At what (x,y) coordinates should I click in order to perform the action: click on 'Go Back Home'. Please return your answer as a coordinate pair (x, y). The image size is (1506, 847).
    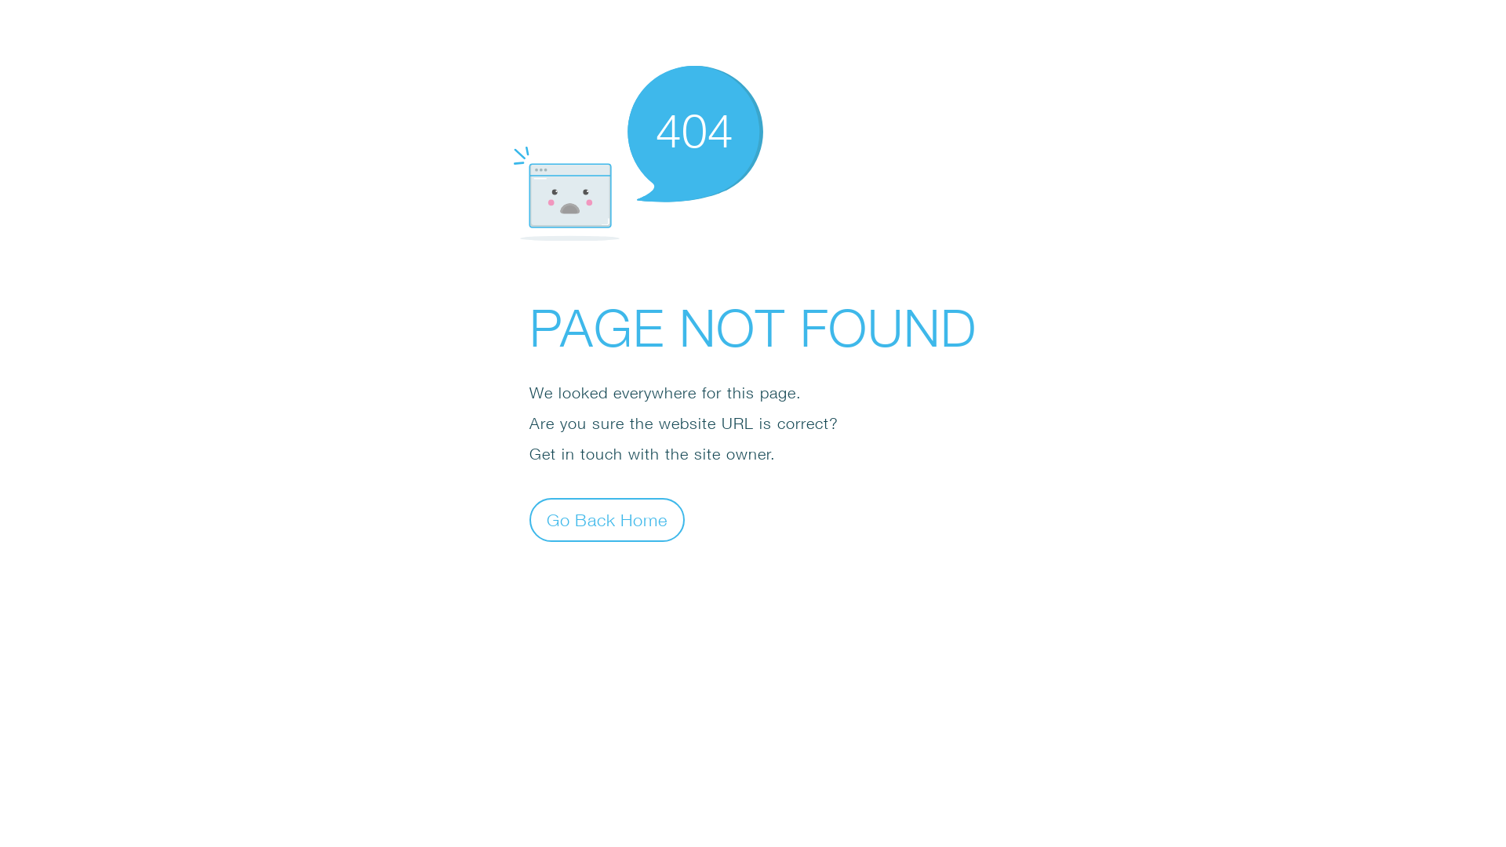
    Looking at the image, I should click on (606, 520).